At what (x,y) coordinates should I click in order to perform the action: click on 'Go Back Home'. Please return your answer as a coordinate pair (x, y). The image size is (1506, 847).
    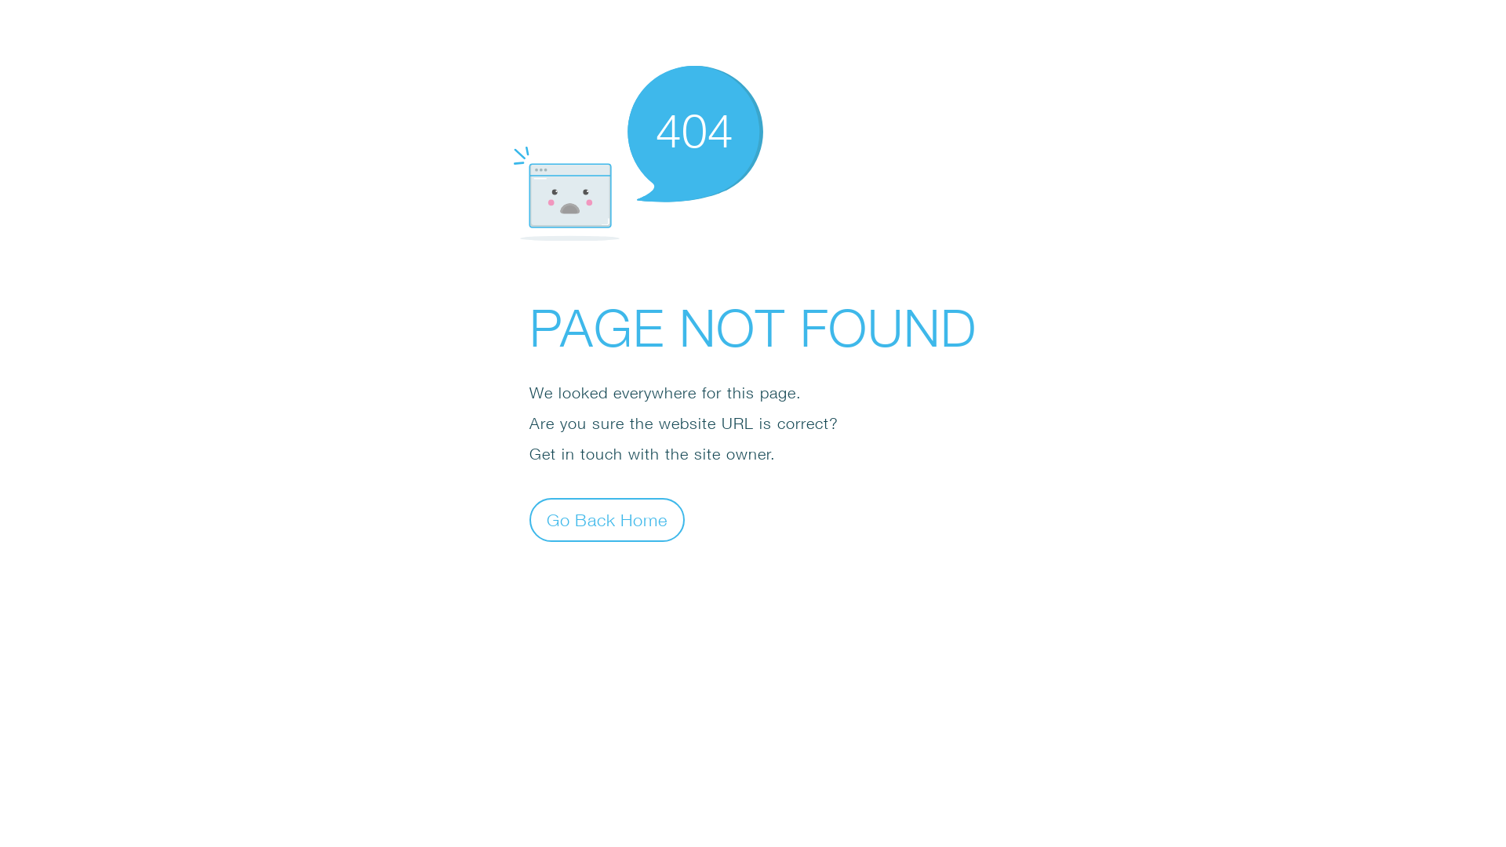
    Looking at the image, I should click on (606, 520).